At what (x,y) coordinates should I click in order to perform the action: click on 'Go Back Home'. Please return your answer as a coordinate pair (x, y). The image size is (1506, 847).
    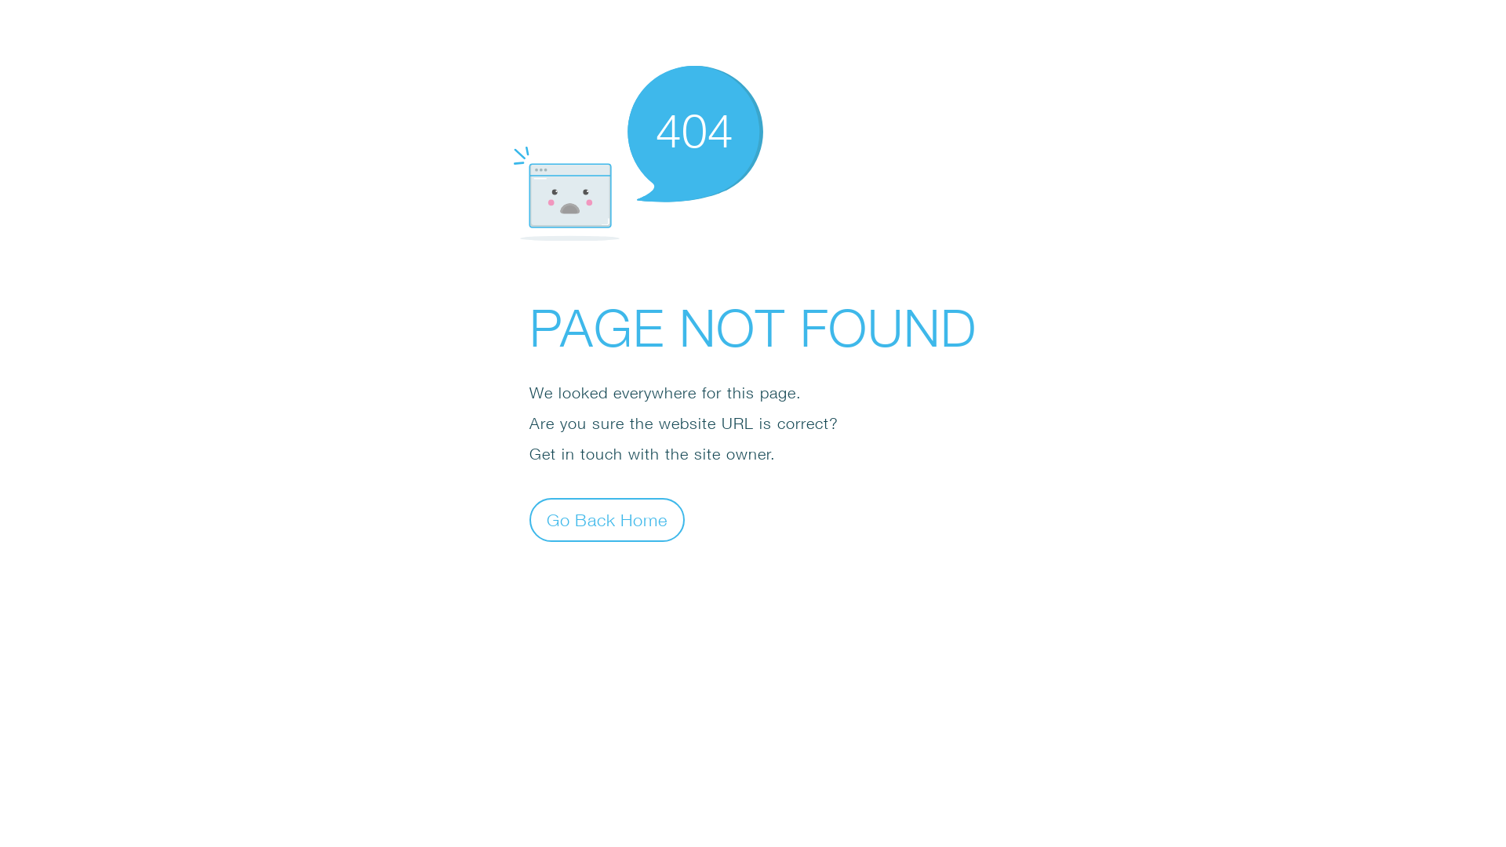
    Looking at the image, I should click on (606, 520).